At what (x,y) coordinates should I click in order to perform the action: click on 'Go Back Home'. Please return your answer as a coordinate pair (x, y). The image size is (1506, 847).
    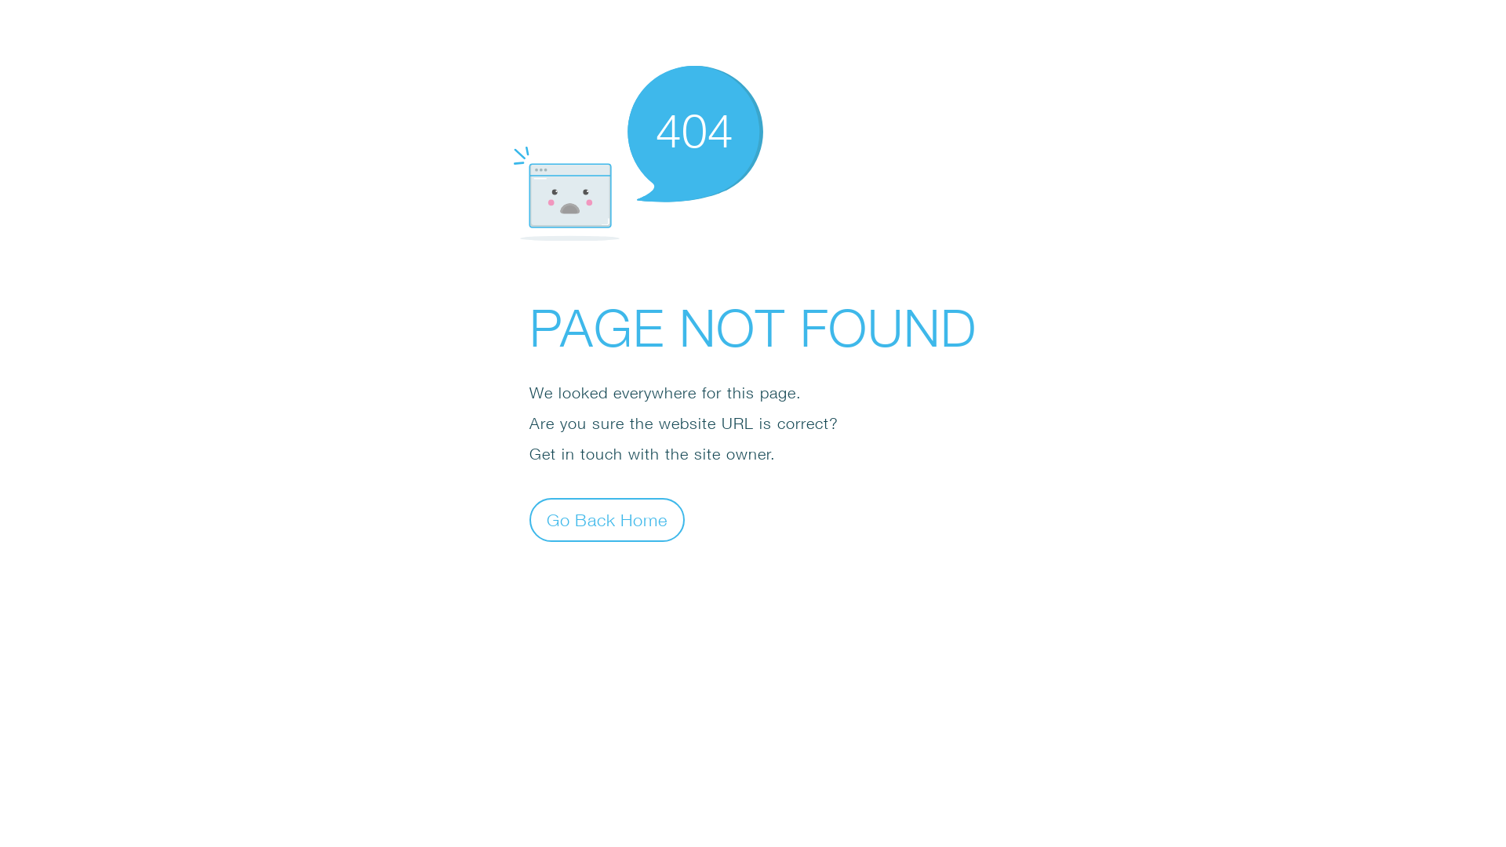
    Looking at the image, I should click on (606, 520).